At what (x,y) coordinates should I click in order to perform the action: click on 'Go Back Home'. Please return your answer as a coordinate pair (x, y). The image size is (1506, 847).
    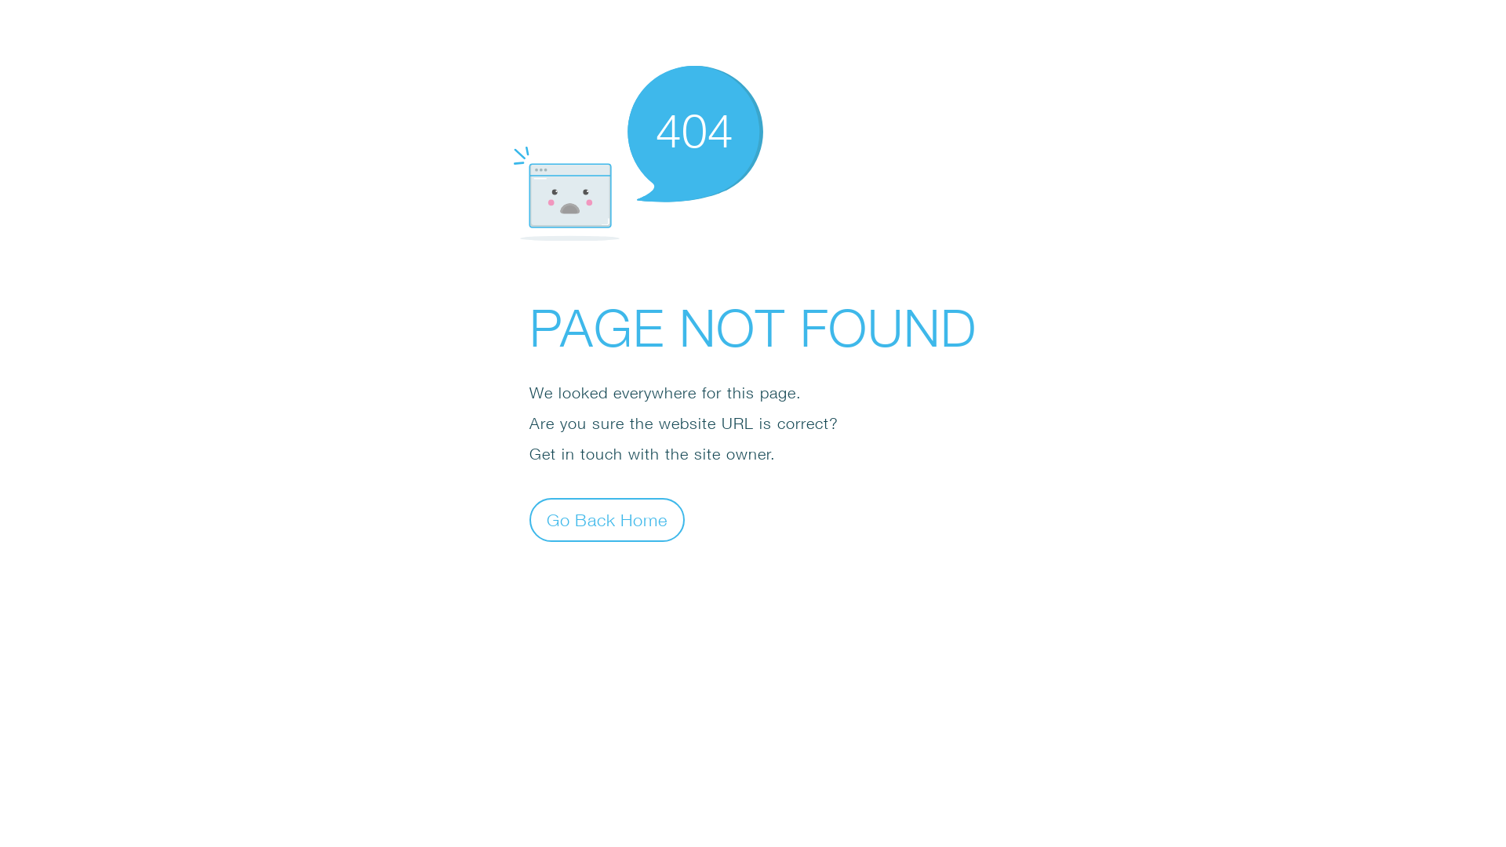
    Looking at the image, I should click on (606, 520).